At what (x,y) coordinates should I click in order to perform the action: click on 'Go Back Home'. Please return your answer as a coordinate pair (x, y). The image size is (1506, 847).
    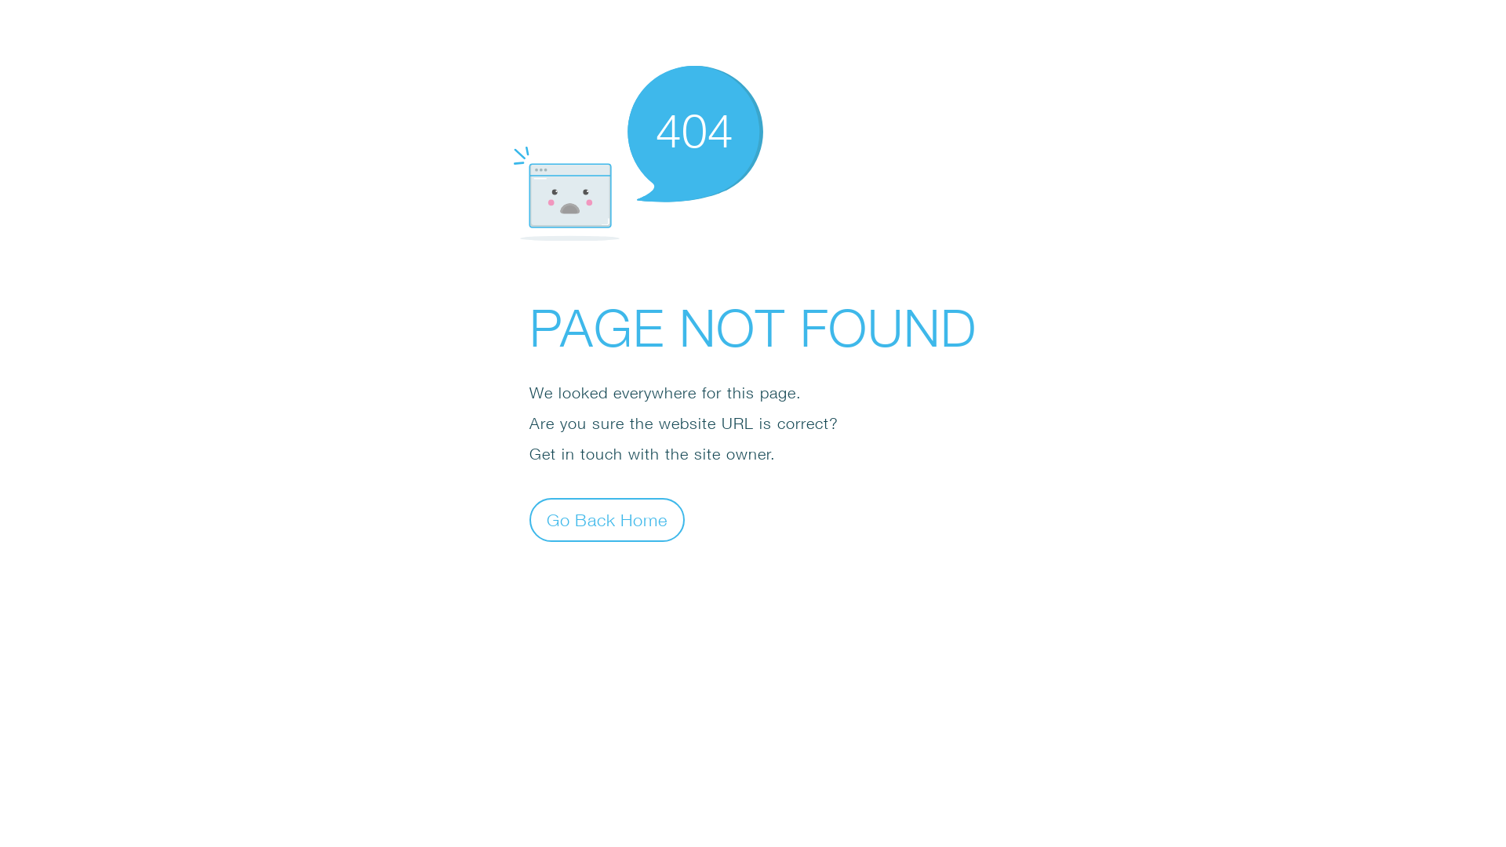
    Looking at the image, I should click on (606, 520).